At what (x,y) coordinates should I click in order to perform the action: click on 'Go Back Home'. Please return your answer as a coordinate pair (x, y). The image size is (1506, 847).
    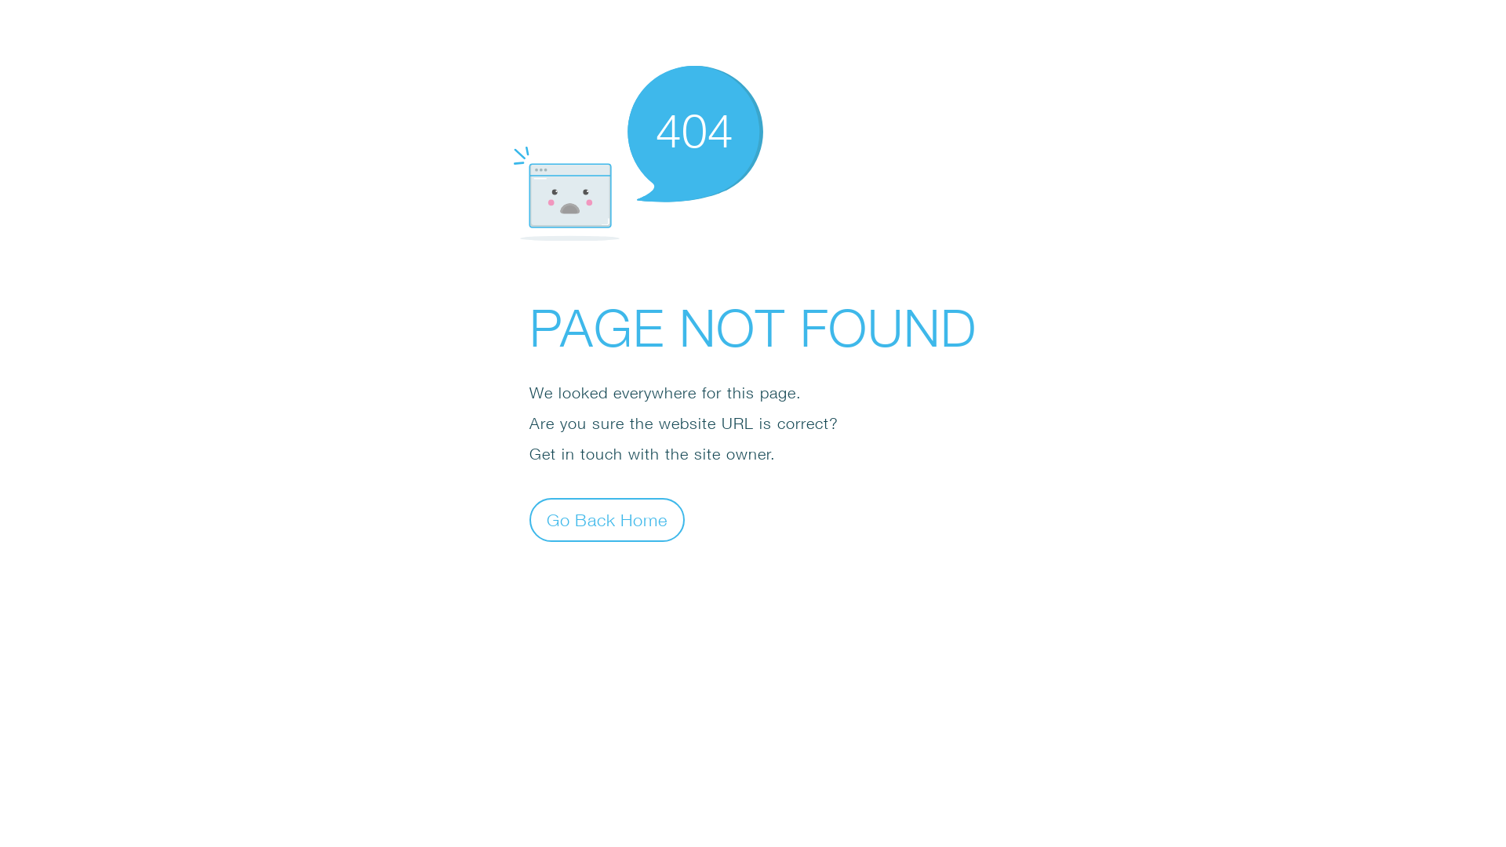
    Looking at the image, I should click on (606, 520).